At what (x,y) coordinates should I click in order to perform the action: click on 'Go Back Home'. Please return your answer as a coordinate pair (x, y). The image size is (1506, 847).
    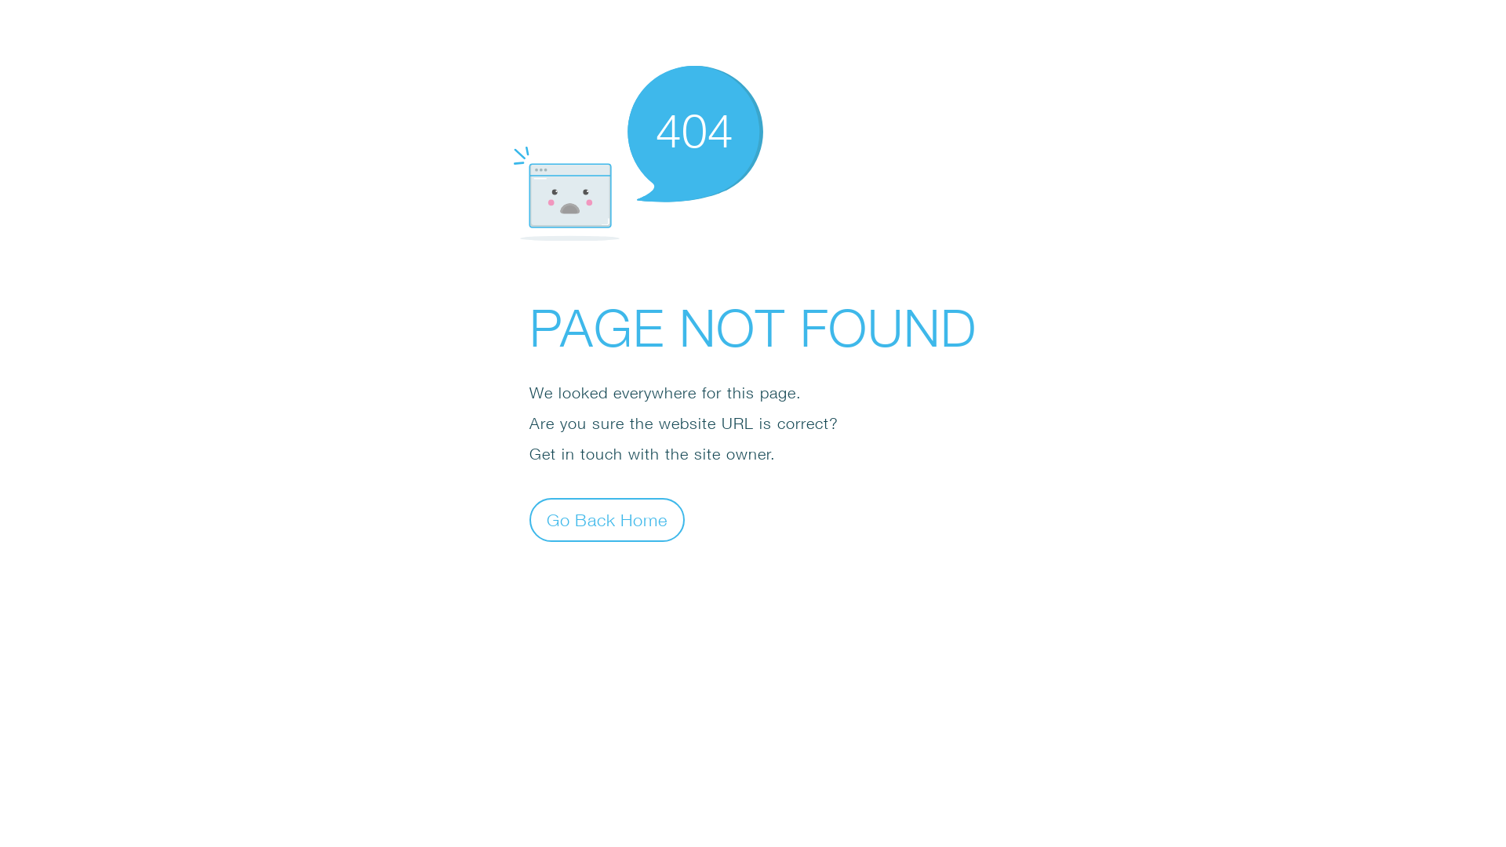
    Looking at the image, I should click on (606, 520).